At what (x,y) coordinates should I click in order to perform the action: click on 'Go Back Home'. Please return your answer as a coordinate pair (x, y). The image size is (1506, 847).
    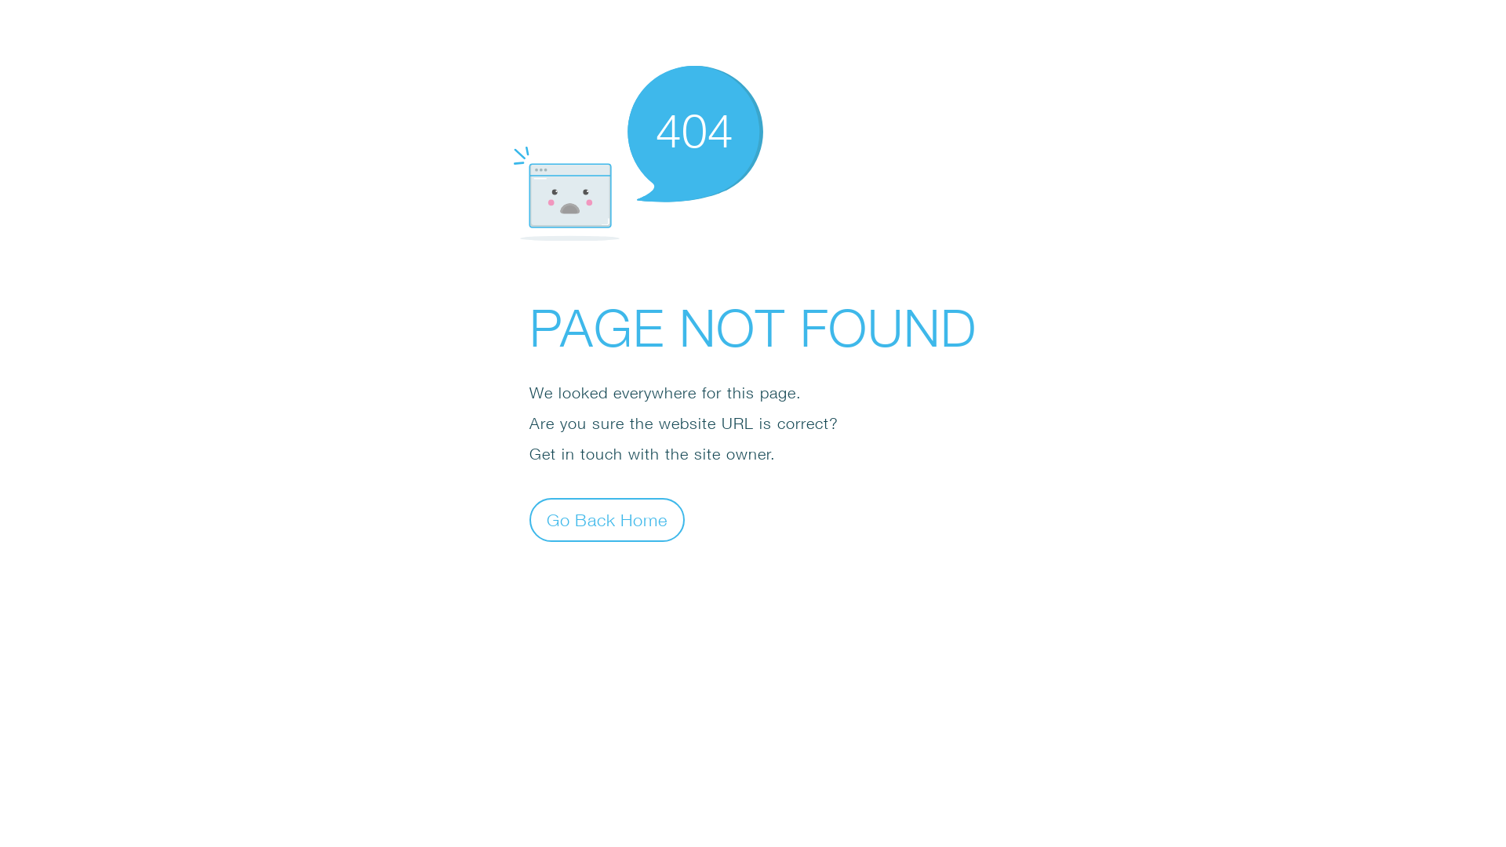
    Looking at the image, I should click on (606, 520).